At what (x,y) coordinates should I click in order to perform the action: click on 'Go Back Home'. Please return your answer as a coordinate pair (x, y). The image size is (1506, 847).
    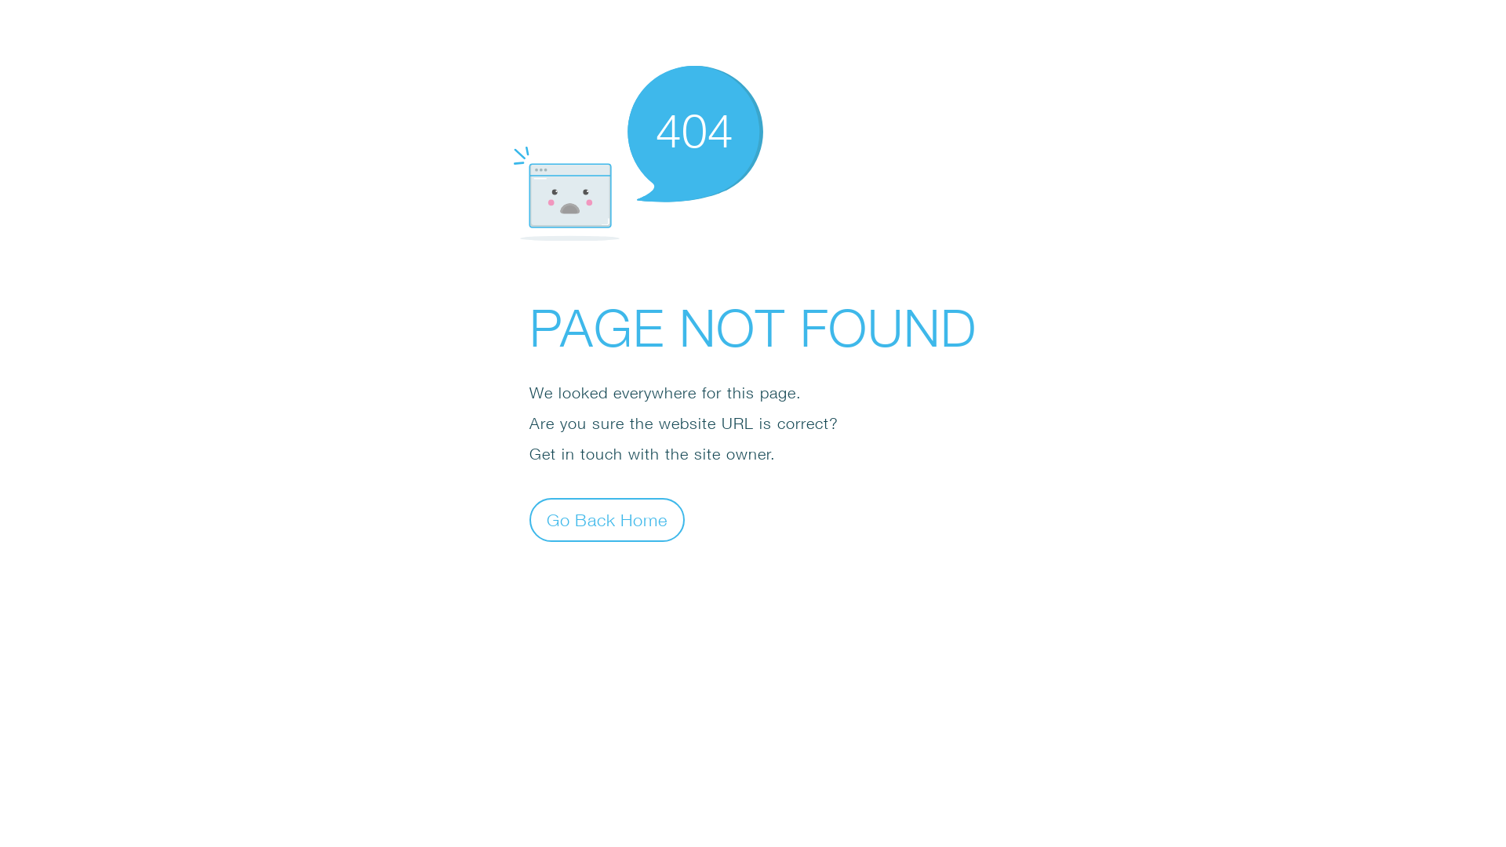
    Looking at the image, I should click on (606, 520).